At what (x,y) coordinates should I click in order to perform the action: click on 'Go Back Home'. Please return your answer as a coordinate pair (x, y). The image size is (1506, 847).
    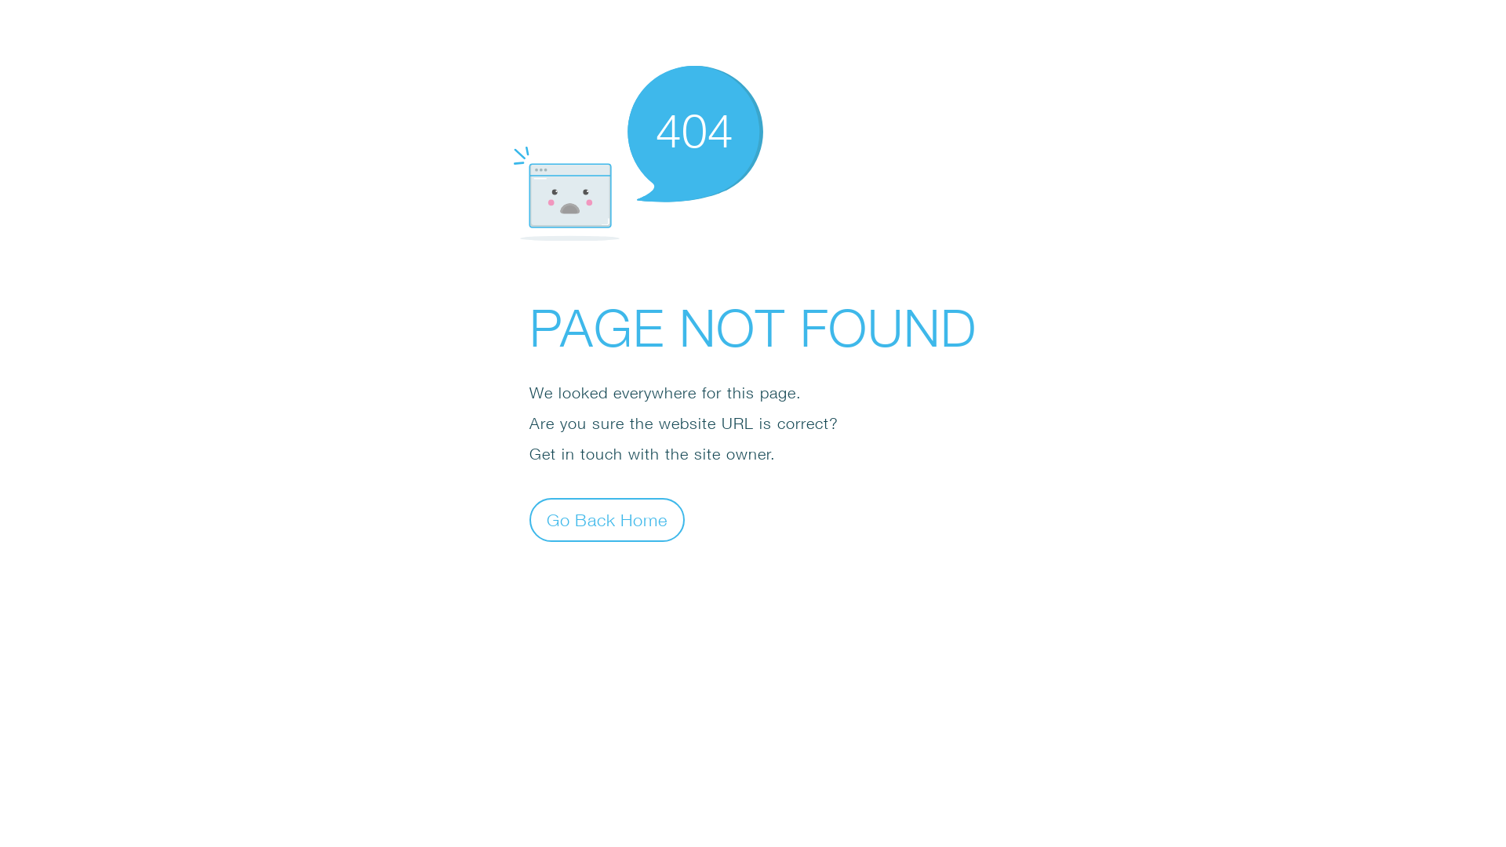
    Looking at the image, I should click on (606, 520).